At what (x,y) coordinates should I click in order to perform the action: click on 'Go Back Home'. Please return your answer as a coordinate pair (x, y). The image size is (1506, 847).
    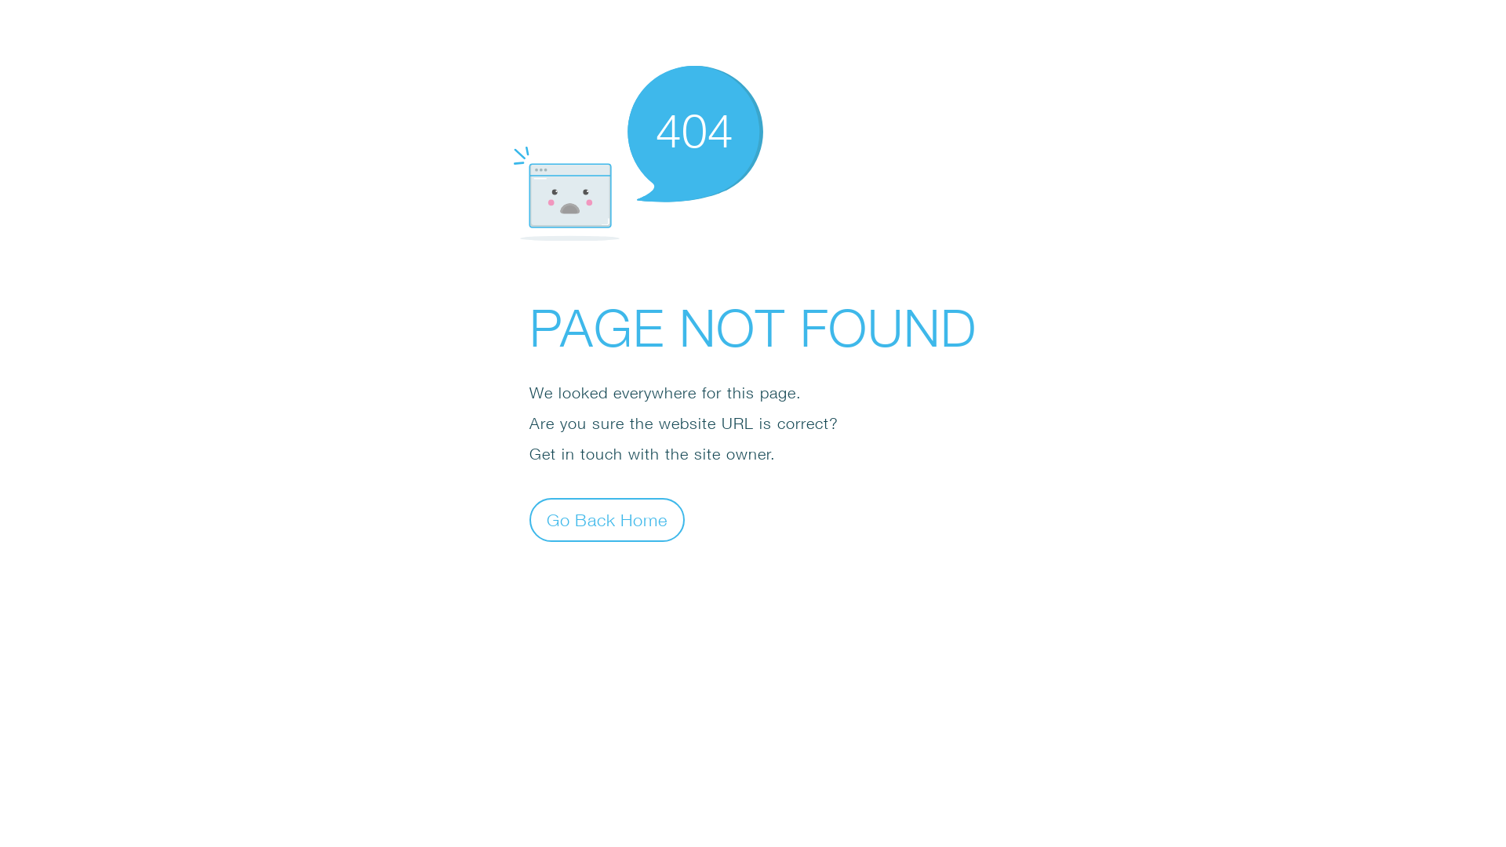
    Looking at the image, I should click on (606, 520).